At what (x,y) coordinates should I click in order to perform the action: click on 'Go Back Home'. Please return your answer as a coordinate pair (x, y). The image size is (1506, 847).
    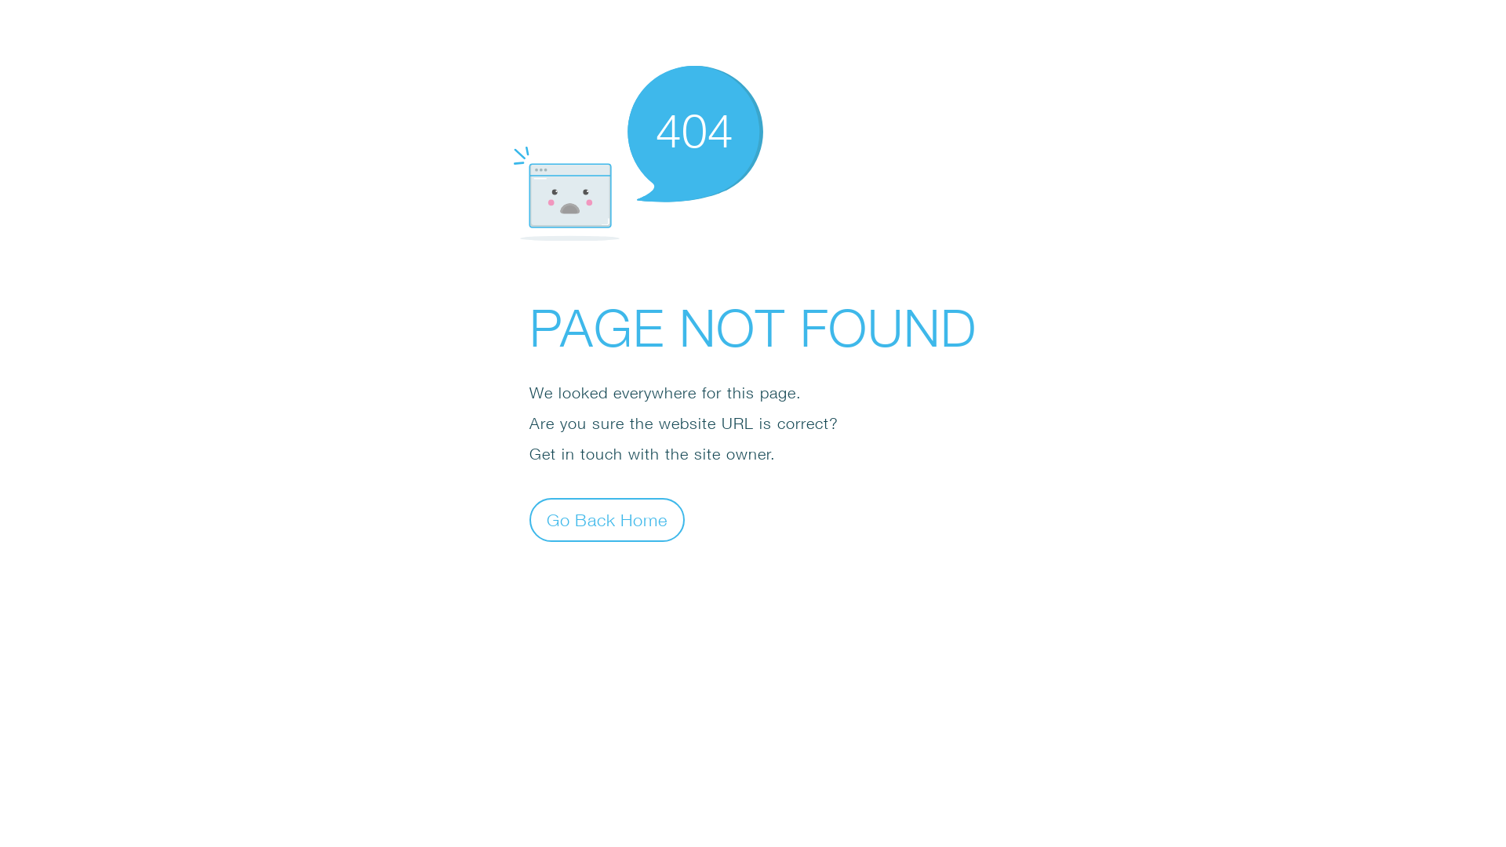
    Looking at the image, I should click on (606, 520).